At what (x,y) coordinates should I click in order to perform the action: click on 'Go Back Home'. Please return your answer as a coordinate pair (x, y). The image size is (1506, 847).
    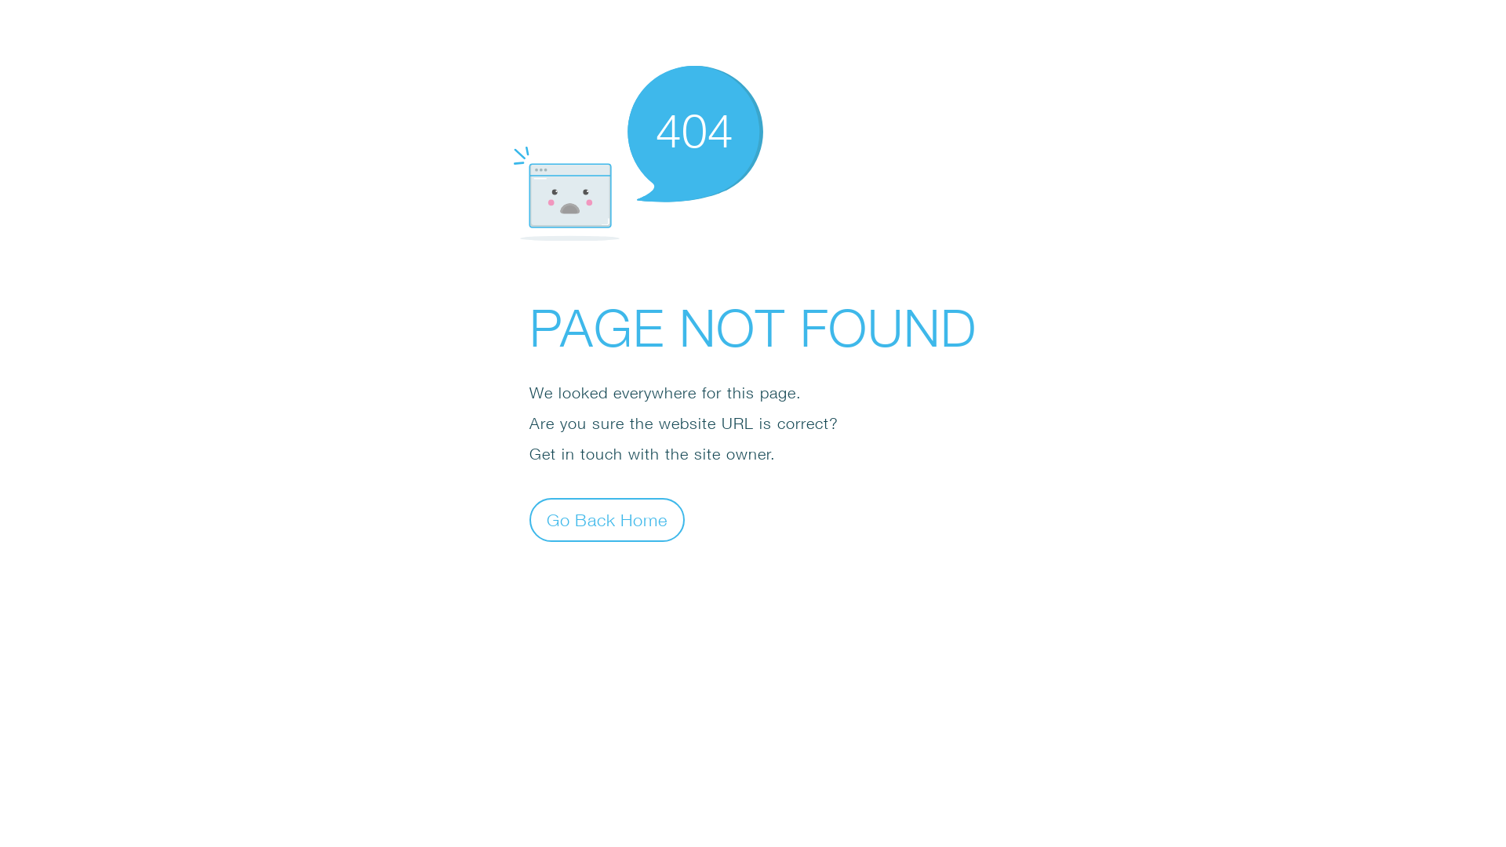
    Looking at the image, I should click on (606, 520).